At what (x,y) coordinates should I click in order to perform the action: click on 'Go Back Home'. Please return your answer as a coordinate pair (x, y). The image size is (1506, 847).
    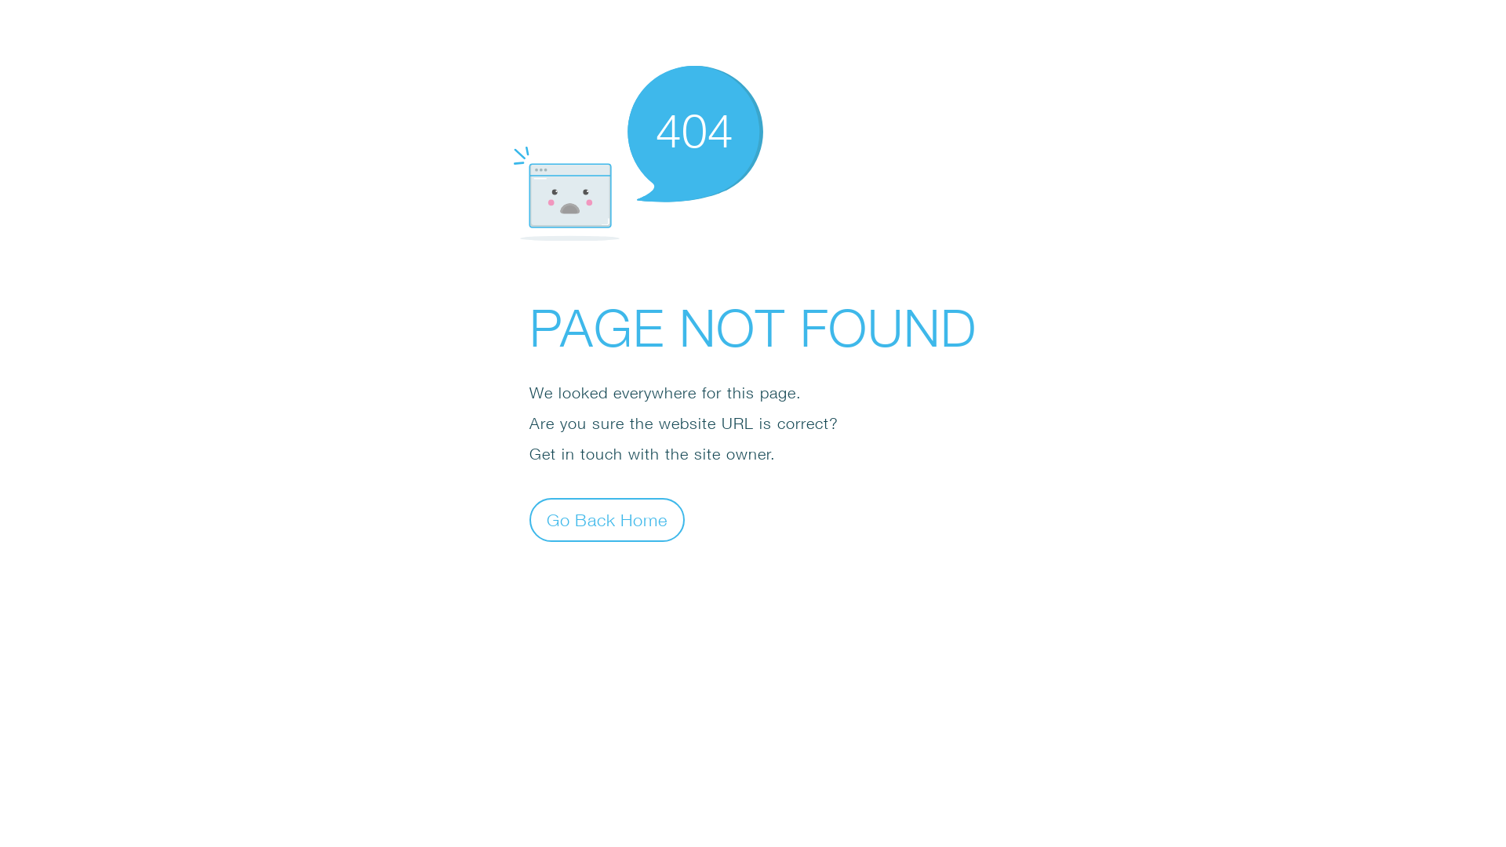
    Looking at the image, I should click on (606, 520).